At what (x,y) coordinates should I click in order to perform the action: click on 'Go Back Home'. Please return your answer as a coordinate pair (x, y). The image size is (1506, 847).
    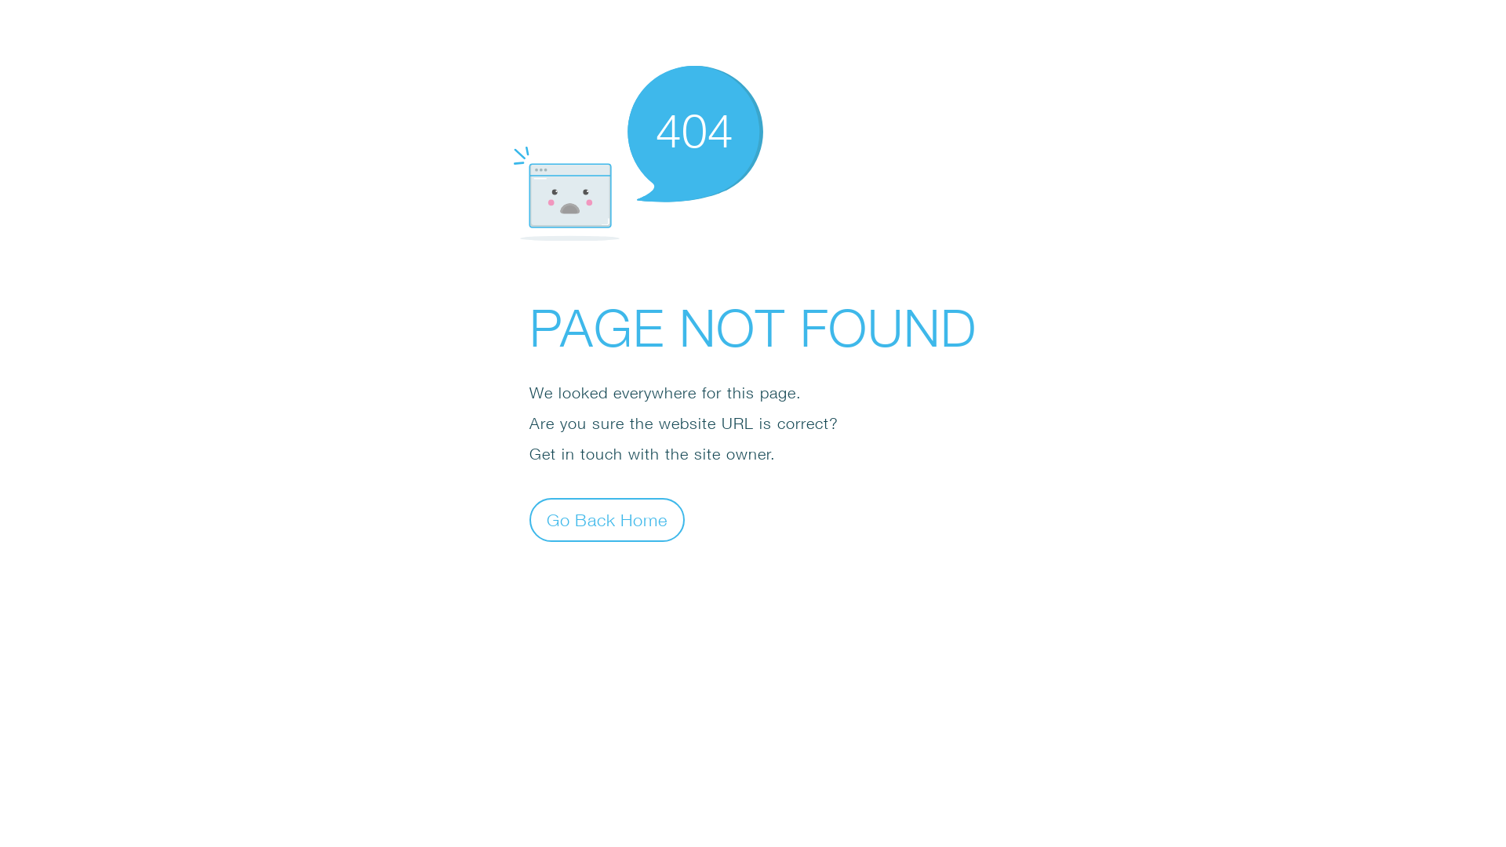
    Looking at the image, I should click on (606, 520).